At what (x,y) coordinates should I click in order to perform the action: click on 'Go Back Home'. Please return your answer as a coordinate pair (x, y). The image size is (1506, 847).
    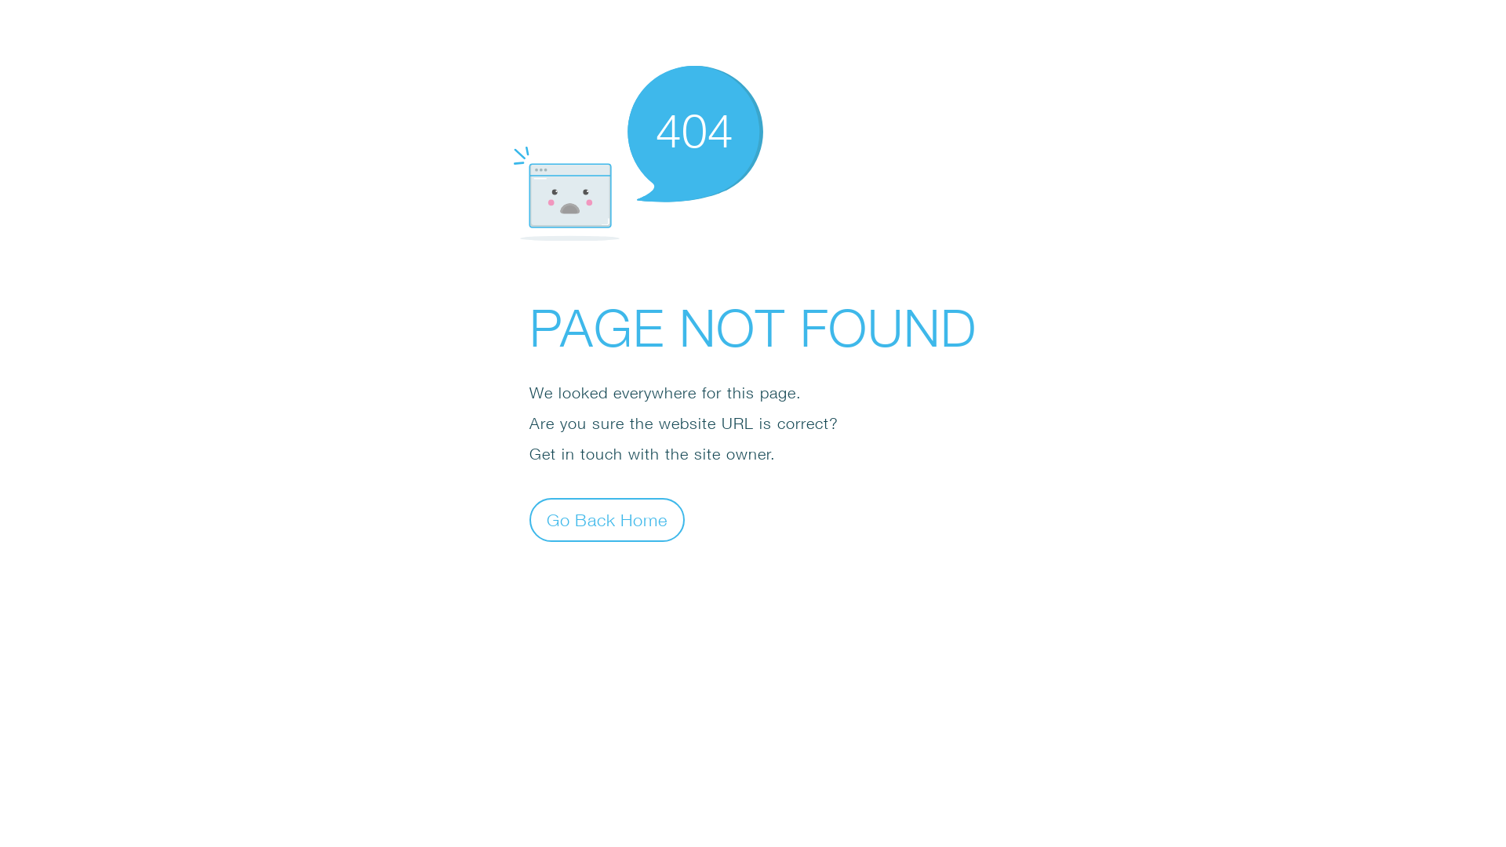
    Looking at the image, I should click on (606, 520).